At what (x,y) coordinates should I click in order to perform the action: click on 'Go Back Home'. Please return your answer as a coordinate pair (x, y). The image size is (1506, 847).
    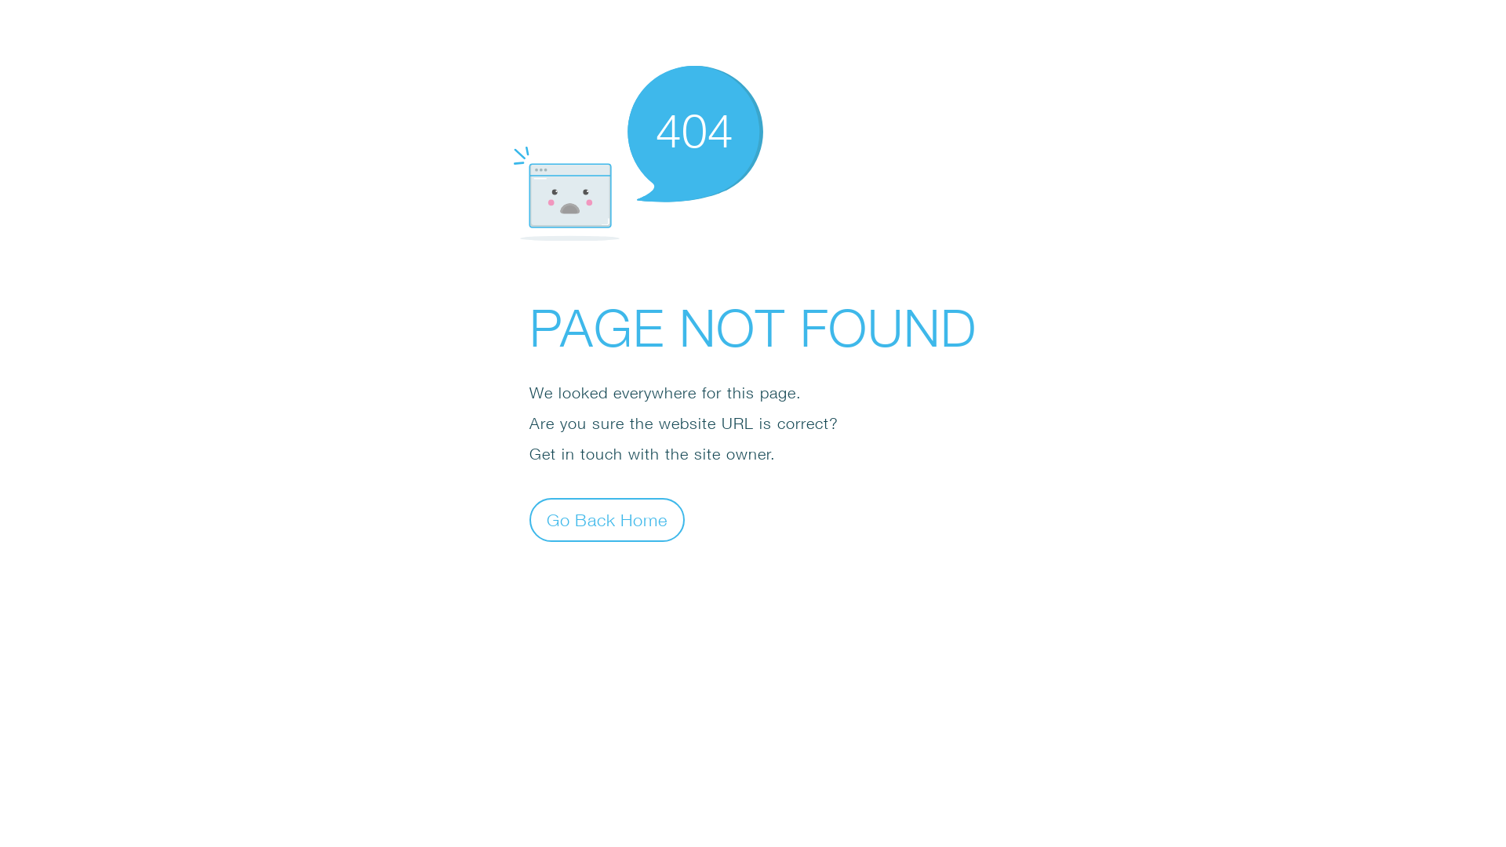
    Looking at the image, I should click on (606, 520).